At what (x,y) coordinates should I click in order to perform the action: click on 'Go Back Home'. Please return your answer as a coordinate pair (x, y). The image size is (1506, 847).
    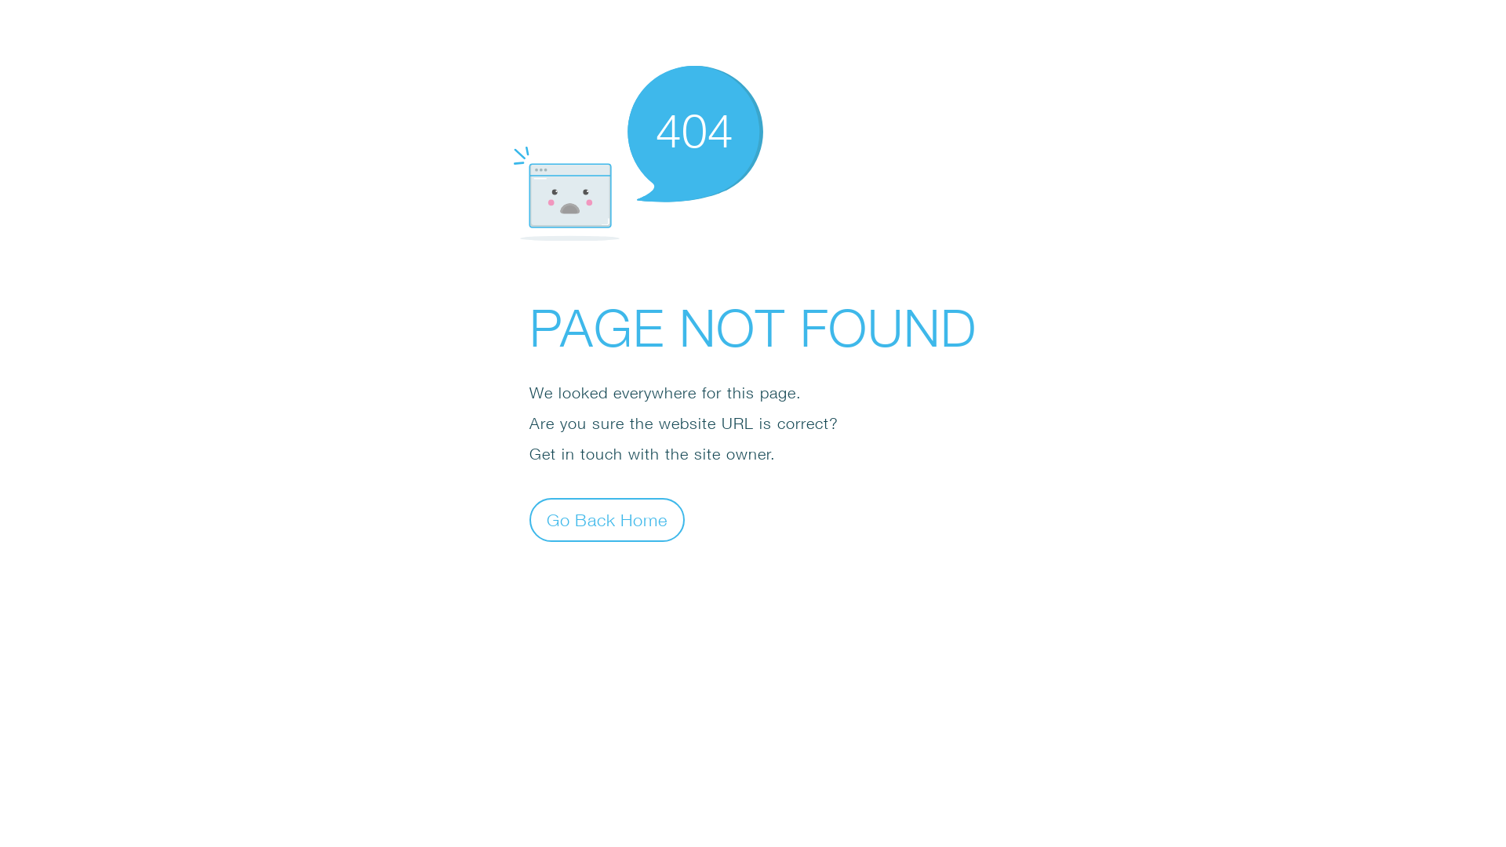
    Looking at the image, I should click on (606, 520).